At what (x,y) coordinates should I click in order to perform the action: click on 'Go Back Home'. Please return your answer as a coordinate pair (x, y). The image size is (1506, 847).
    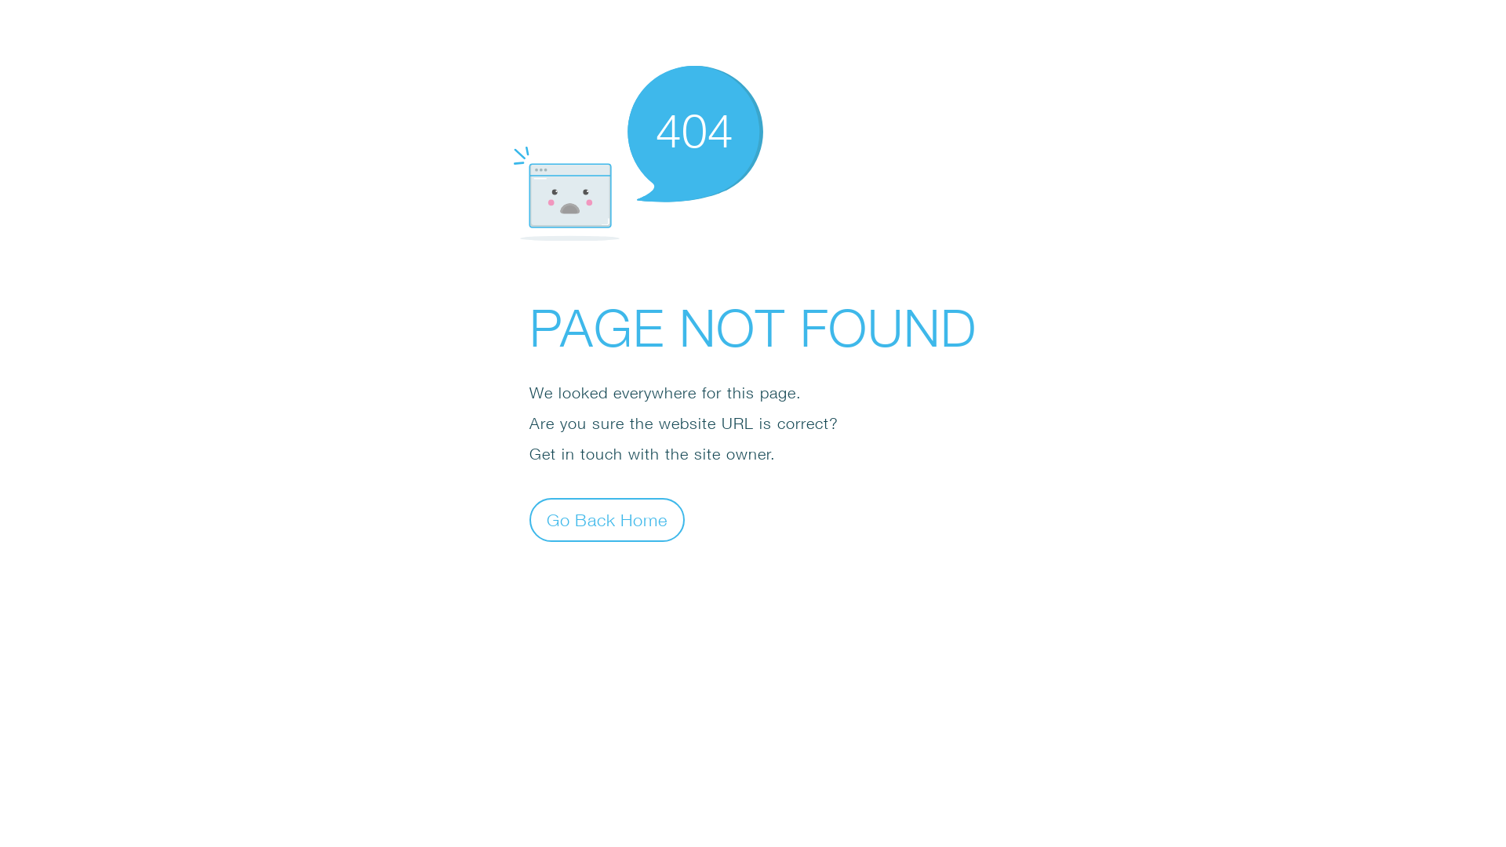
    Looking at the image, I should click on (606, 520).